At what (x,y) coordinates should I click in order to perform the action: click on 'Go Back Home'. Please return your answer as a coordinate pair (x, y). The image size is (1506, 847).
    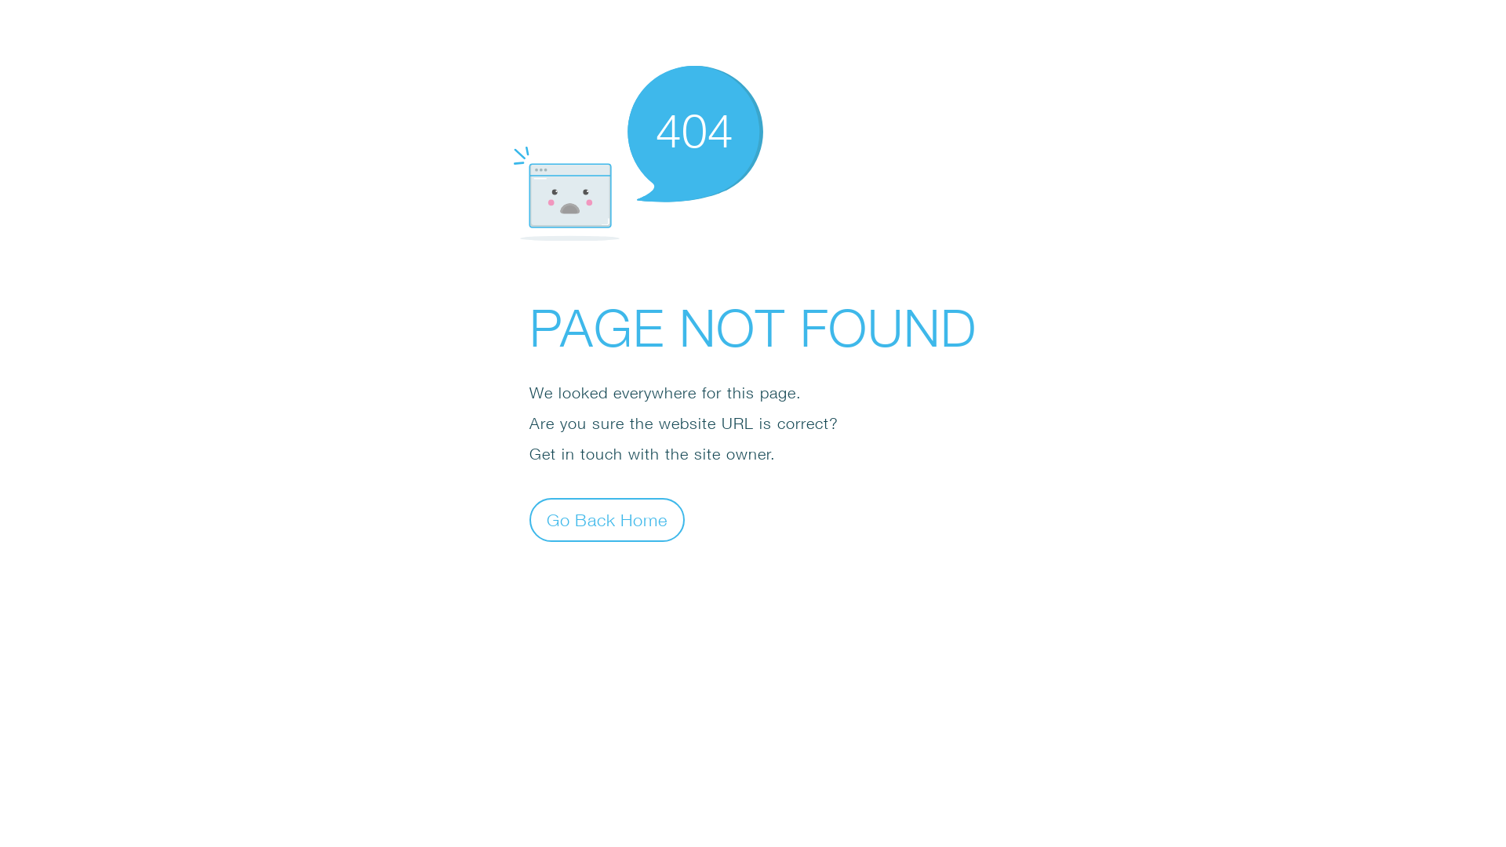
    Looking at the image, I should click on (606, 520).